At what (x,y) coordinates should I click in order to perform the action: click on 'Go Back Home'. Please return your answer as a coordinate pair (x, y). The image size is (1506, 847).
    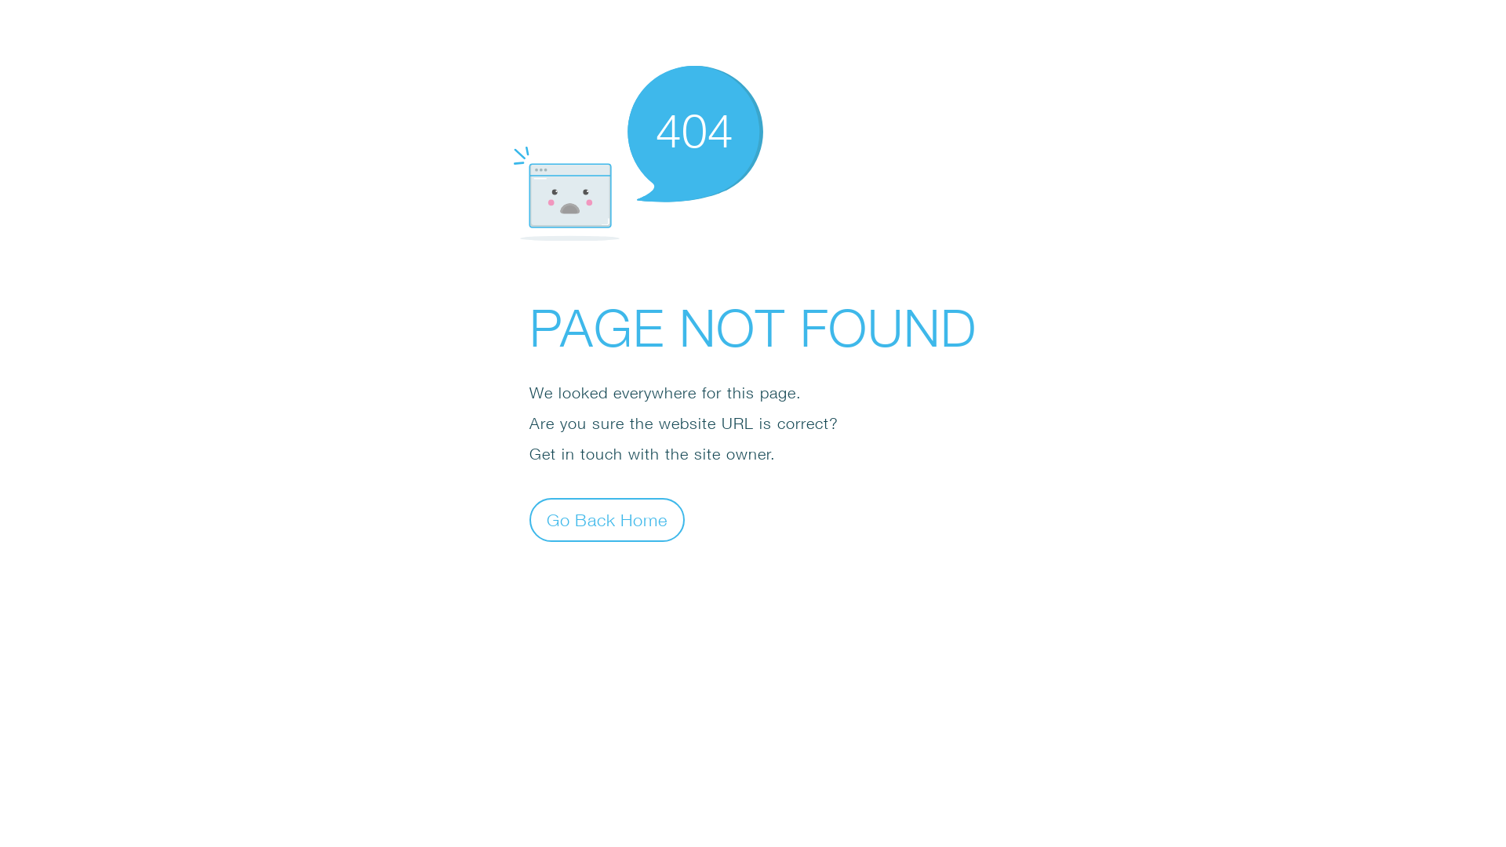
    Looking at the image, I should click on (606, 520).